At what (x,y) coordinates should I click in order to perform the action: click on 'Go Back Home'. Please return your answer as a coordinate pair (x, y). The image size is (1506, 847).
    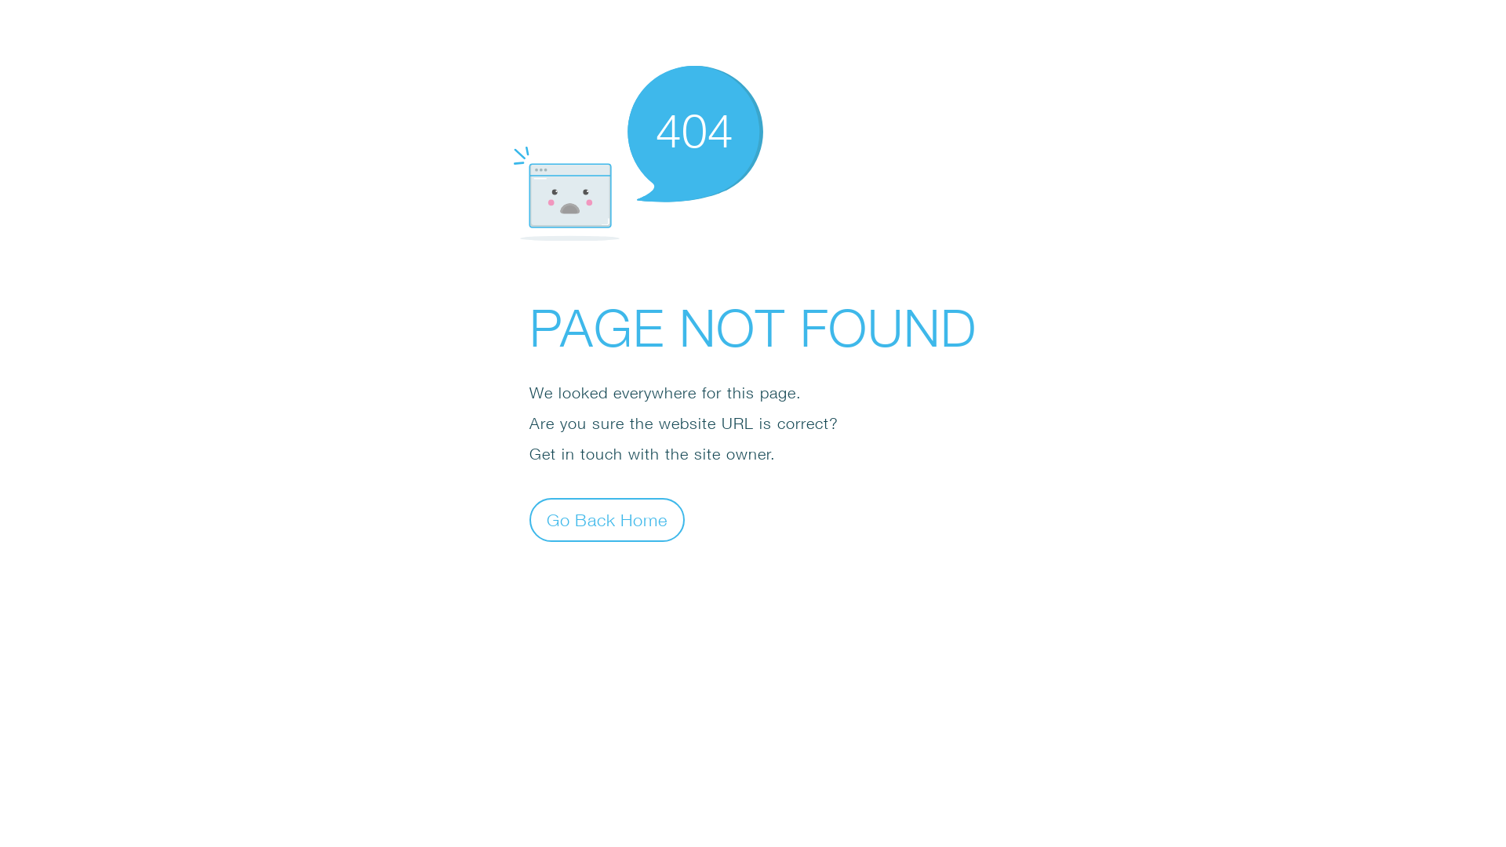
    Looking at the image, I should click on (606, 520).